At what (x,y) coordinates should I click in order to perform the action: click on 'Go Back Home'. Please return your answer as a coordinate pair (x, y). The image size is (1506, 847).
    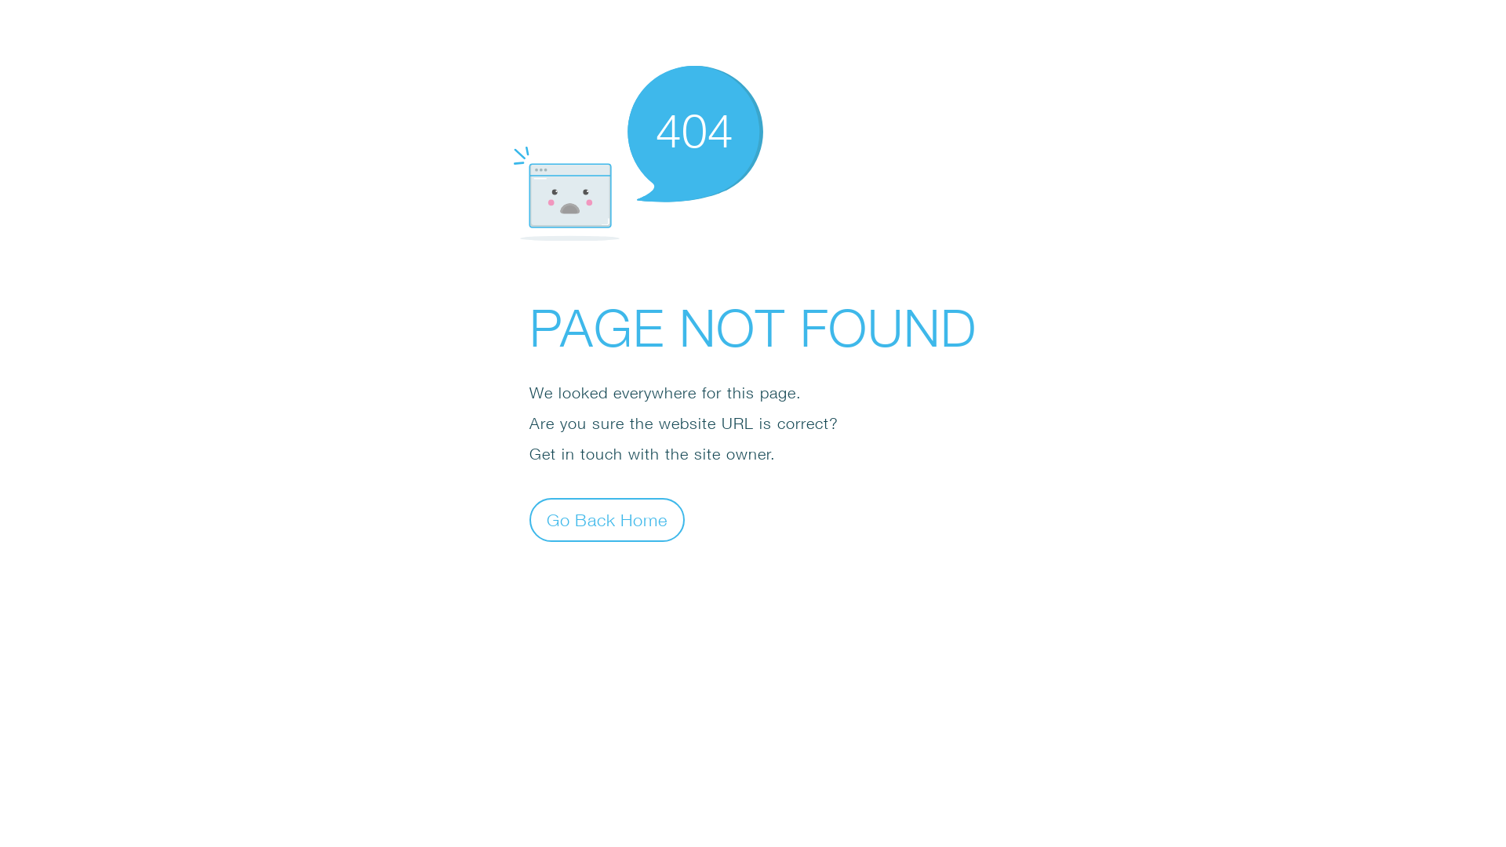
    Looking at the image, I should click on (606, 520).